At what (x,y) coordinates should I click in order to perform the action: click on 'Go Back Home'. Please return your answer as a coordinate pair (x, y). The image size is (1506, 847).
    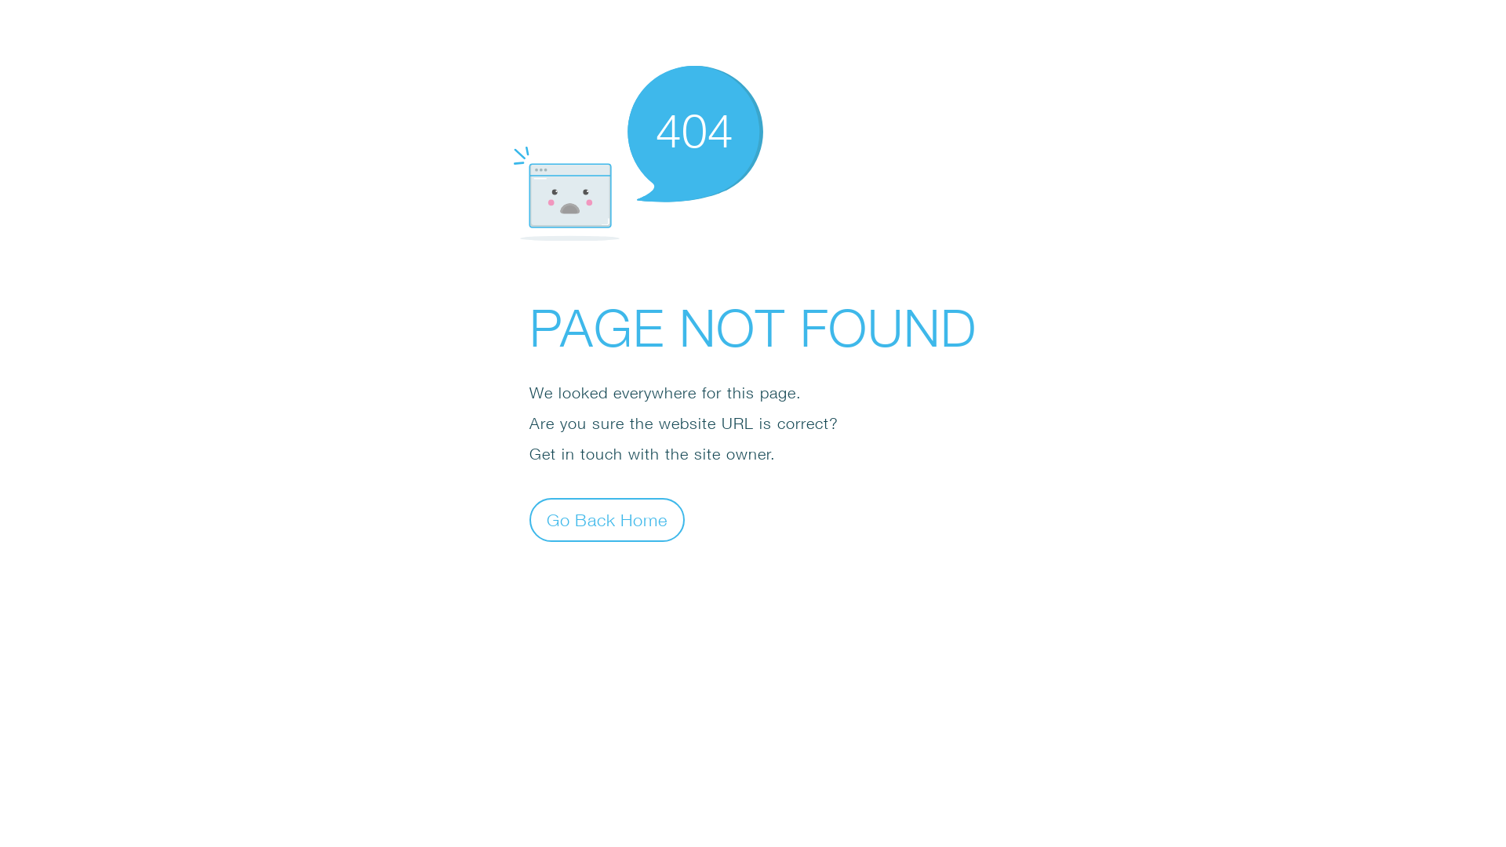
    Looking at the image, I should click on (606, 520).